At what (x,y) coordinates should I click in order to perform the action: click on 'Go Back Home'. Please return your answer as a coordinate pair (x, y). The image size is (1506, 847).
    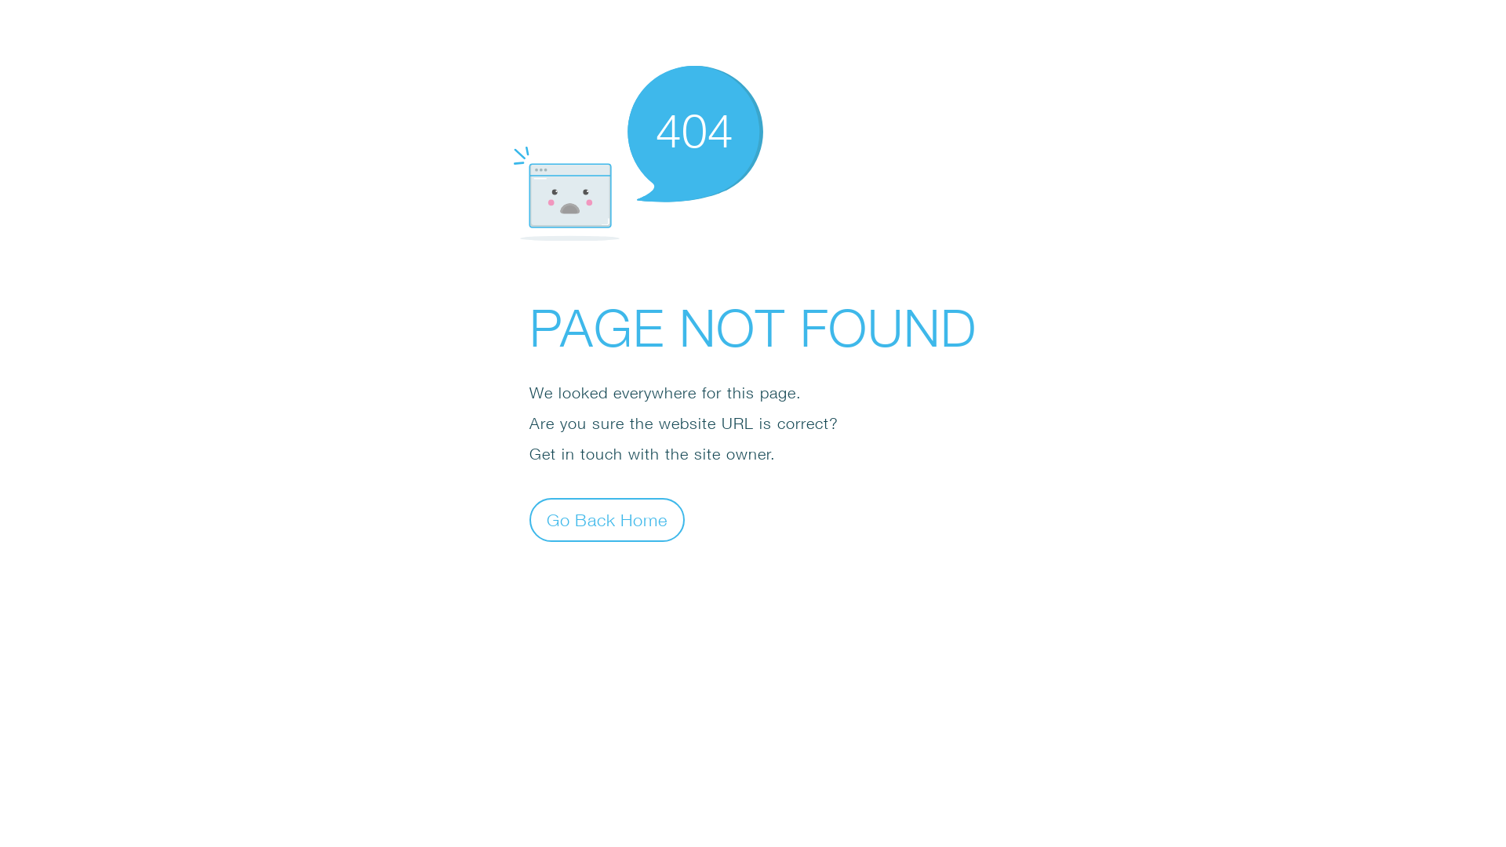
    Looking at the image, I should click on (606, 520).